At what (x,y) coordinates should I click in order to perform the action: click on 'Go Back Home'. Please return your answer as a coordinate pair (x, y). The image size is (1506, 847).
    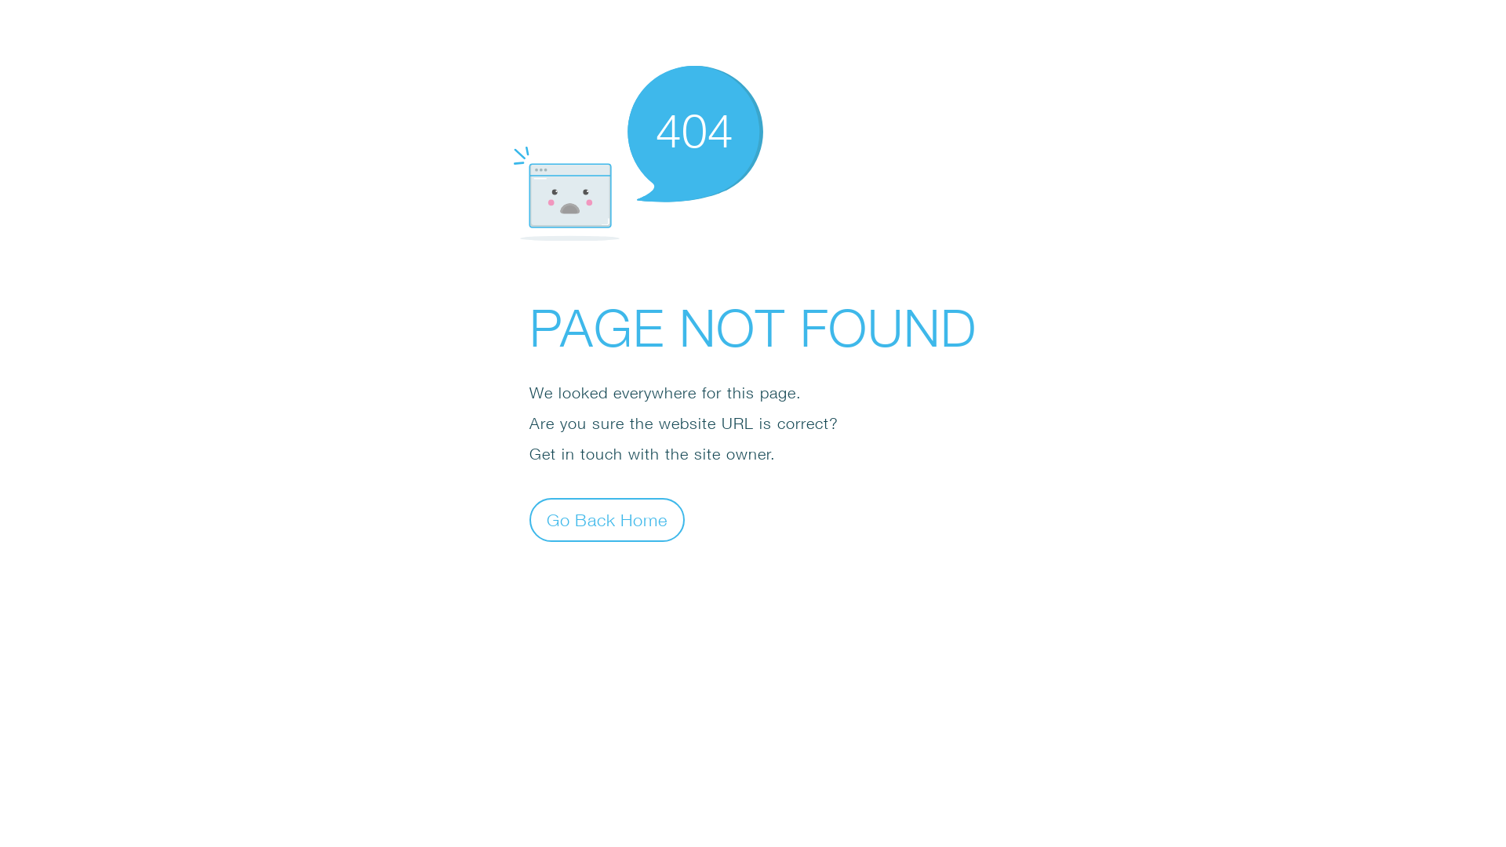
    Looking at the image, I should click on (606, 520).